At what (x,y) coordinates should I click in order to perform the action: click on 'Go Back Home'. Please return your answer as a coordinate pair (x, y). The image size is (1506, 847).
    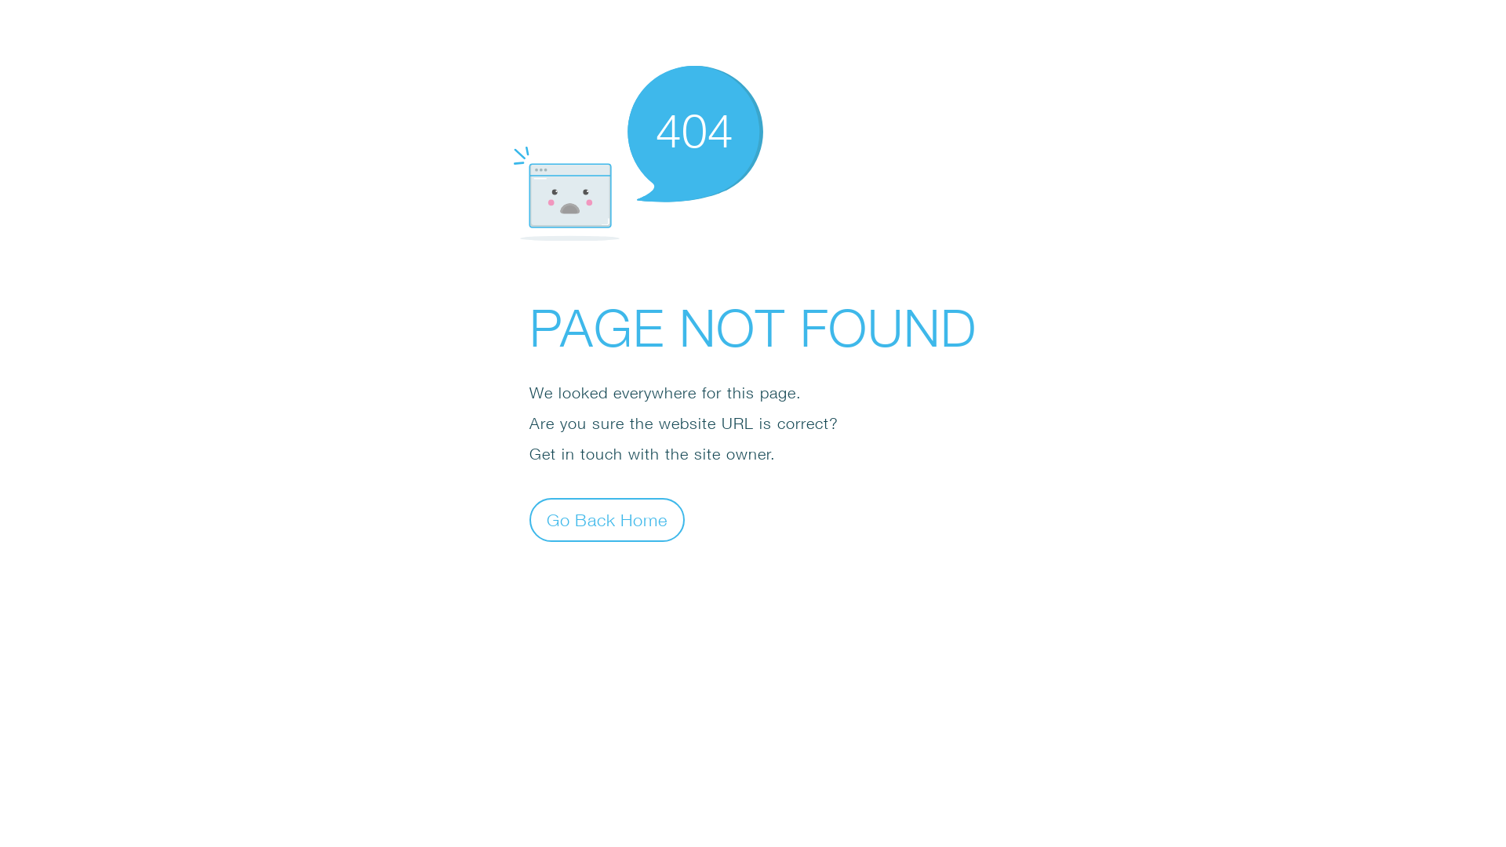
    Looking at the image, I should click on (606, 520).